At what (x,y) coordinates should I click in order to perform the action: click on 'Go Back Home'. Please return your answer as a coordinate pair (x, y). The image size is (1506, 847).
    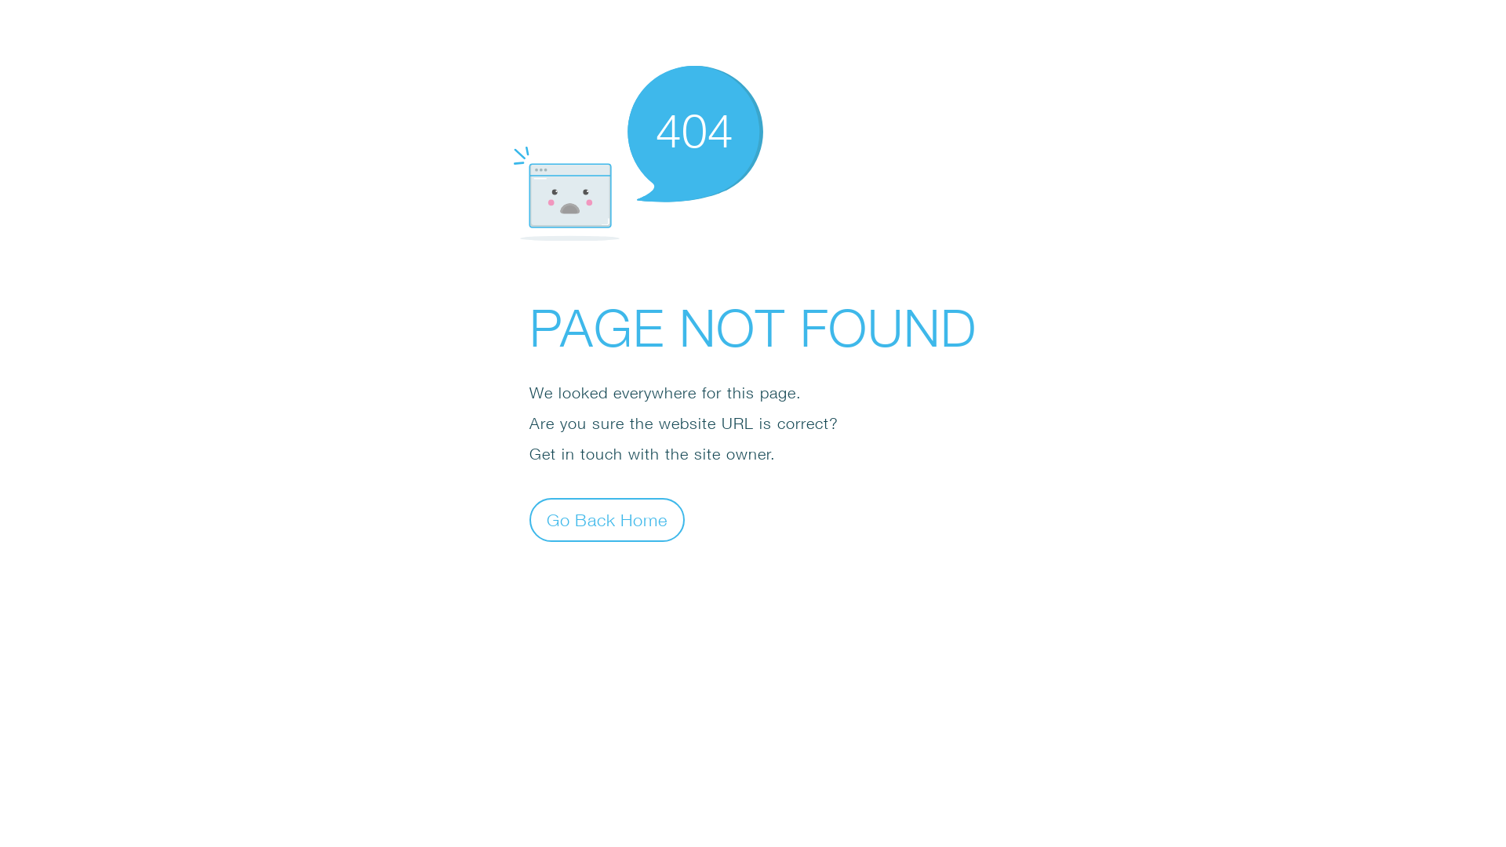
    Looking at the image, I should click on (606, 520).